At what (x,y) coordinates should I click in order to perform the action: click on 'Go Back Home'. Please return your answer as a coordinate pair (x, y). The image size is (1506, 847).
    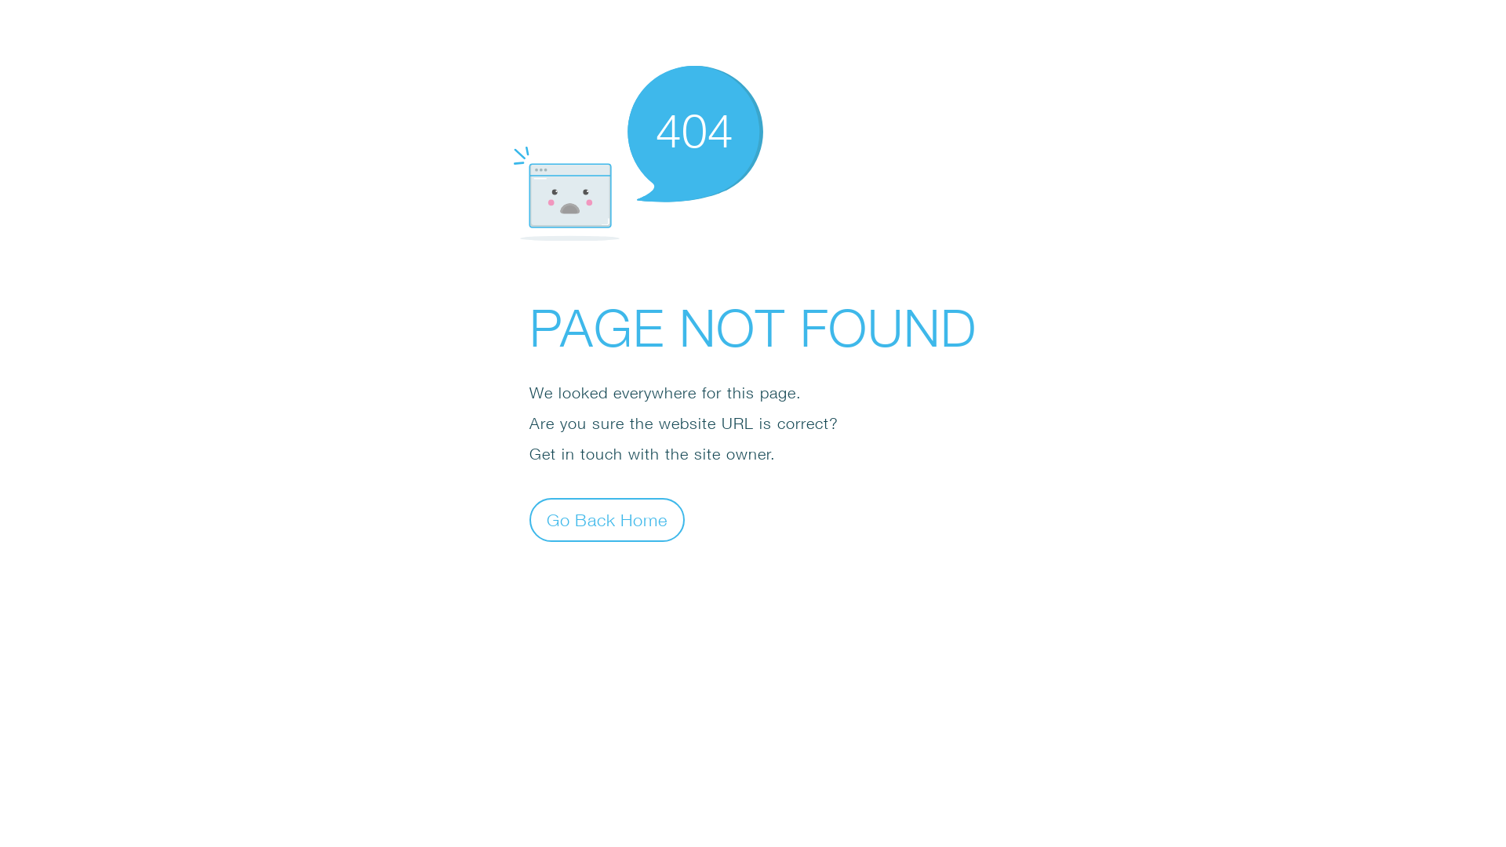
    Looking at the image, I should click on (606, 520).